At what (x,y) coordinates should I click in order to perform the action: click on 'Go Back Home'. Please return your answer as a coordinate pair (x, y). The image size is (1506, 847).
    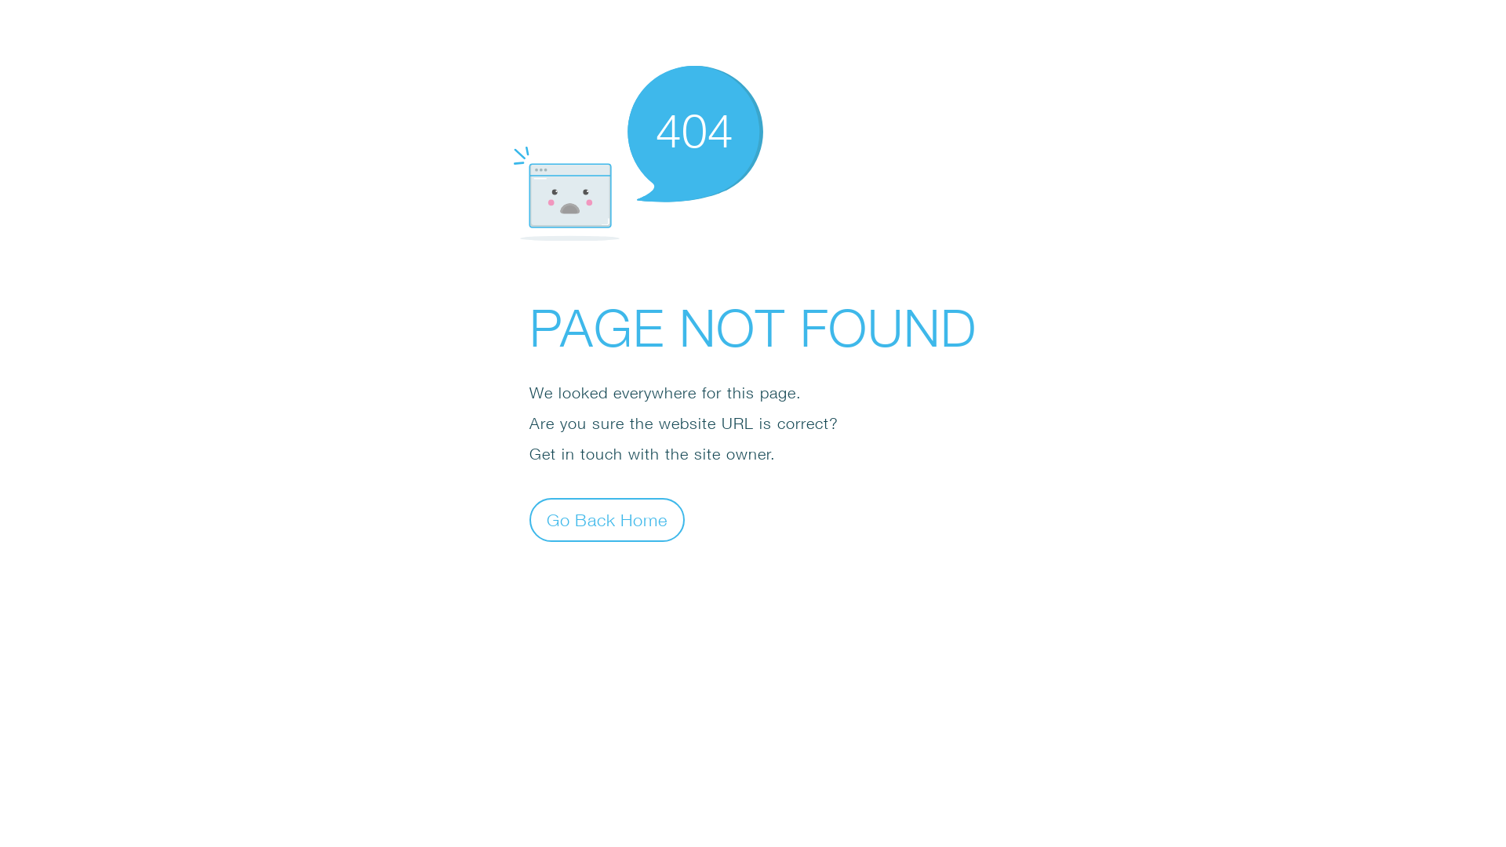
    Looking at the image, I should click on (606, 520).